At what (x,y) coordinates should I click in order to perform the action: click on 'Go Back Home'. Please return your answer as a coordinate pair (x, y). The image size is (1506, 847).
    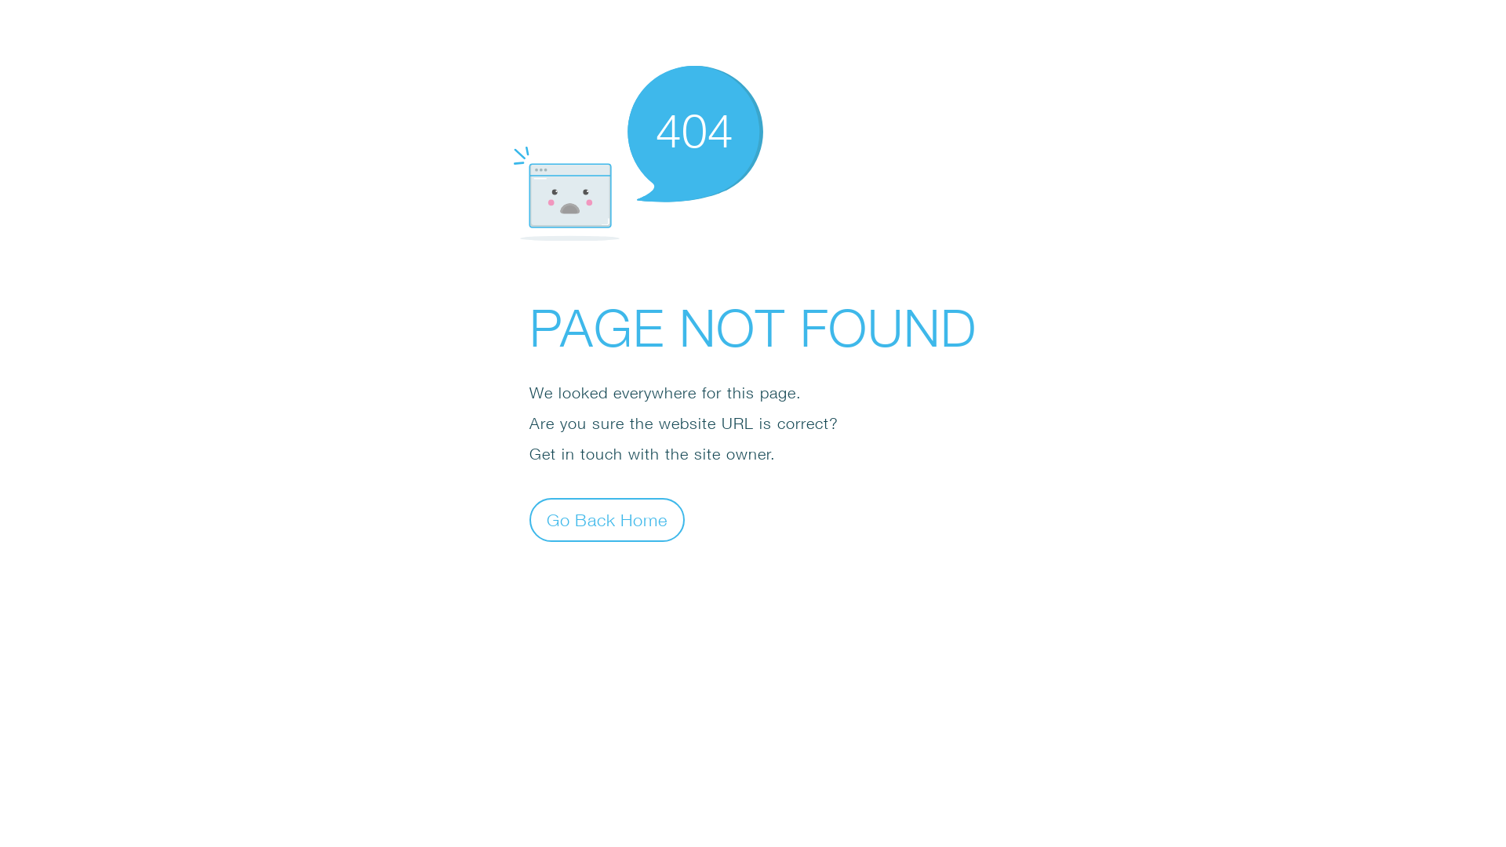
    Looking at the image, I should click on (606, 520).